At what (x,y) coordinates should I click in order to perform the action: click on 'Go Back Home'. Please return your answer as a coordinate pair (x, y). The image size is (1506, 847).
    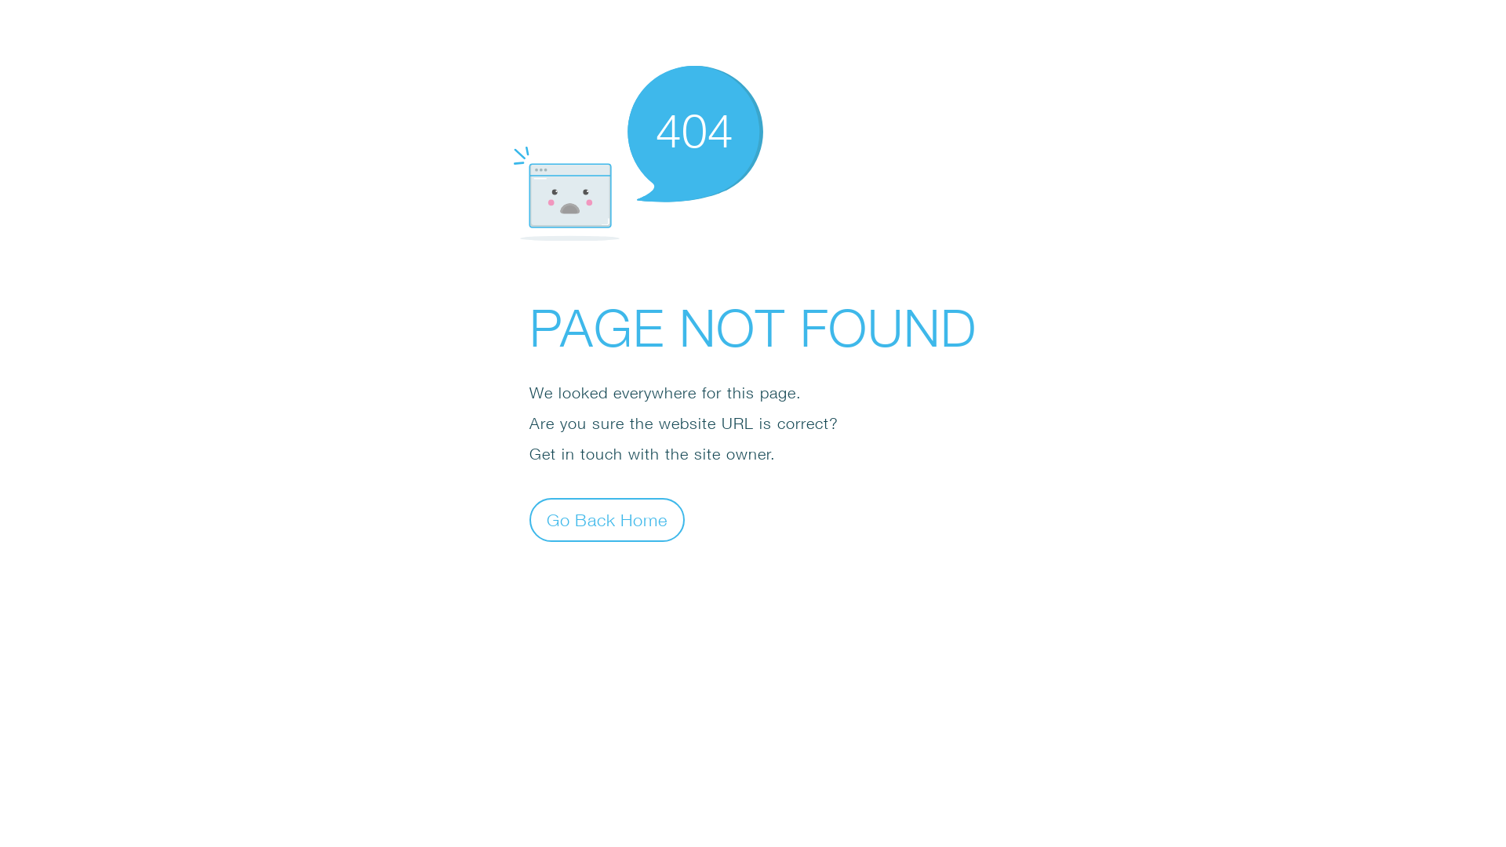
    Looking at the image, I should click on (606, 520).